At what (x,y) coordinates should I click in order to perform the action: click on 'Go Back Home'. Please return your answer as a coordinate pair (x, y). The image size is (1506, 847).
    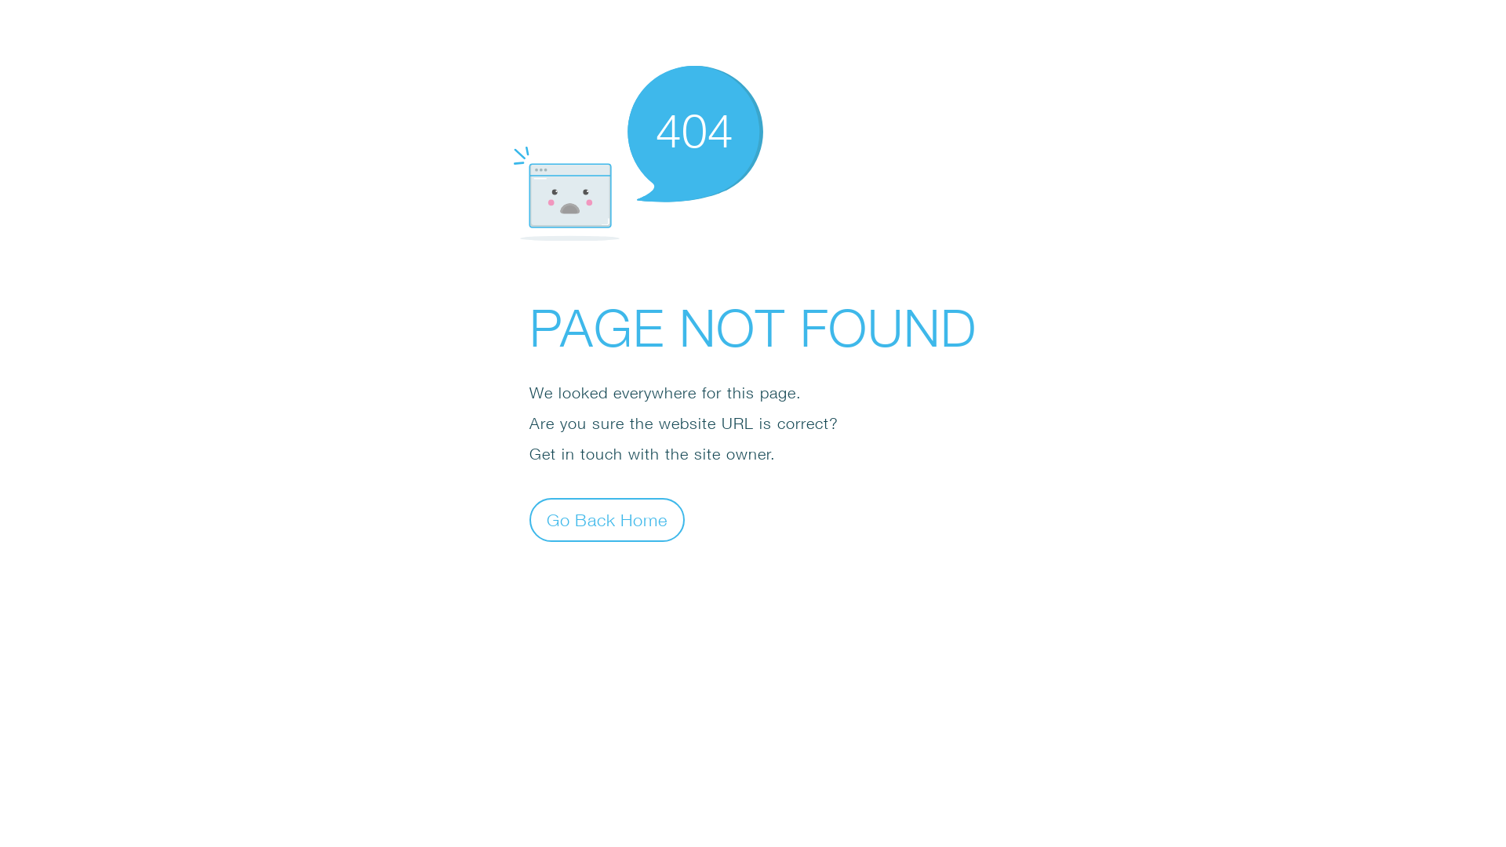
    Looking at the image, I should click on (606, 520).